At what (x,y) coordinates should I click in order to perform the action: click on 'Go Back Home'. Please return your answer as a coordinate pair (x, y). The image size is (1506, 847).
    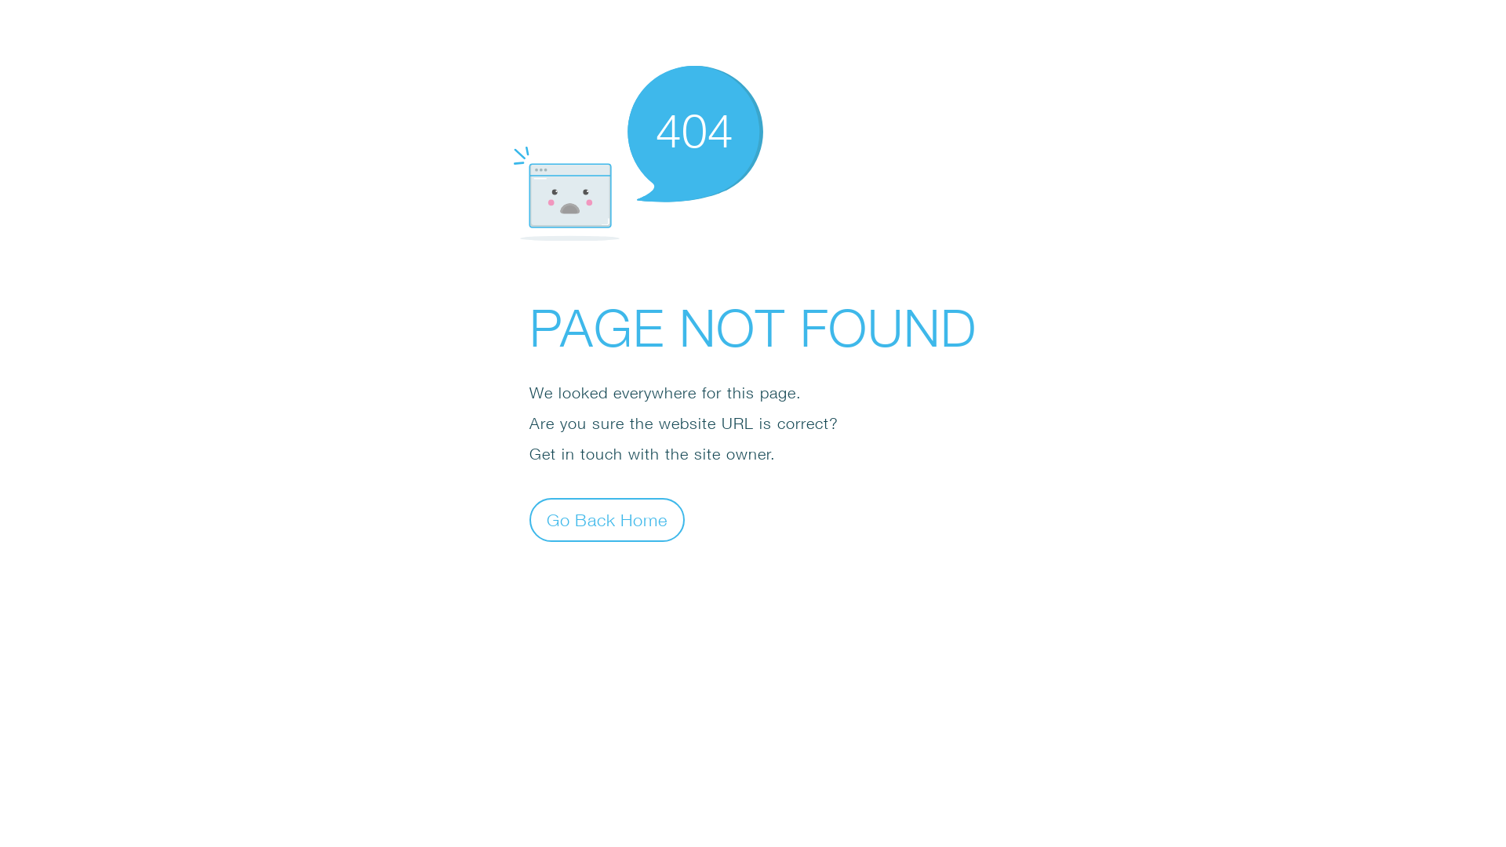
    Looking at the image, I should click on (606, 520).